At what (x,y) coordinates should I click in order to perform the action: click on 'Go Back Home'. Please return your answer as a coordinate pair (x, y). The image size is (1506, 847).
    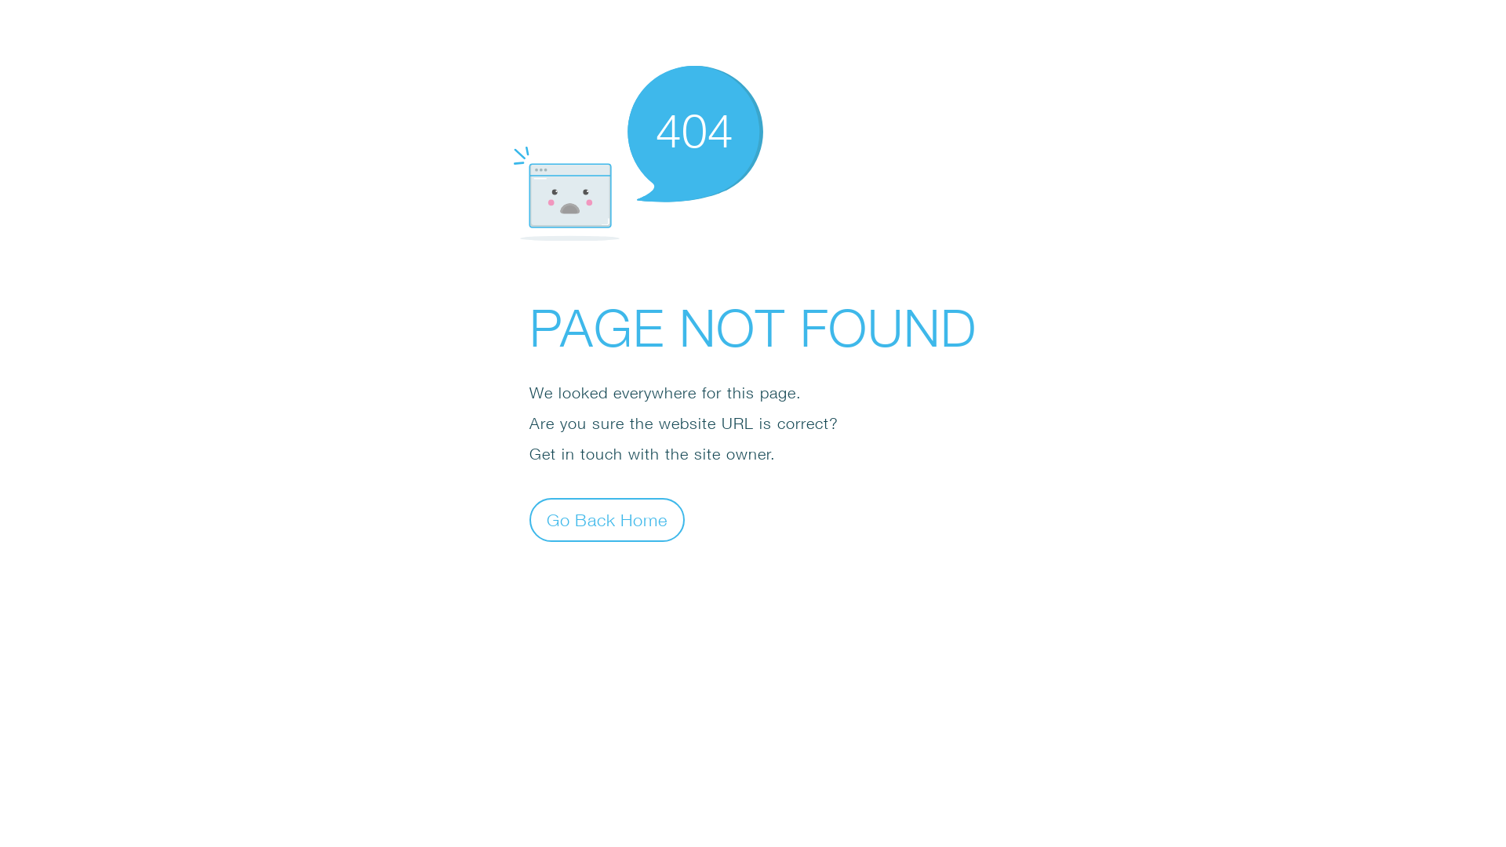
    Looking at the image, I should click on (606, 520).